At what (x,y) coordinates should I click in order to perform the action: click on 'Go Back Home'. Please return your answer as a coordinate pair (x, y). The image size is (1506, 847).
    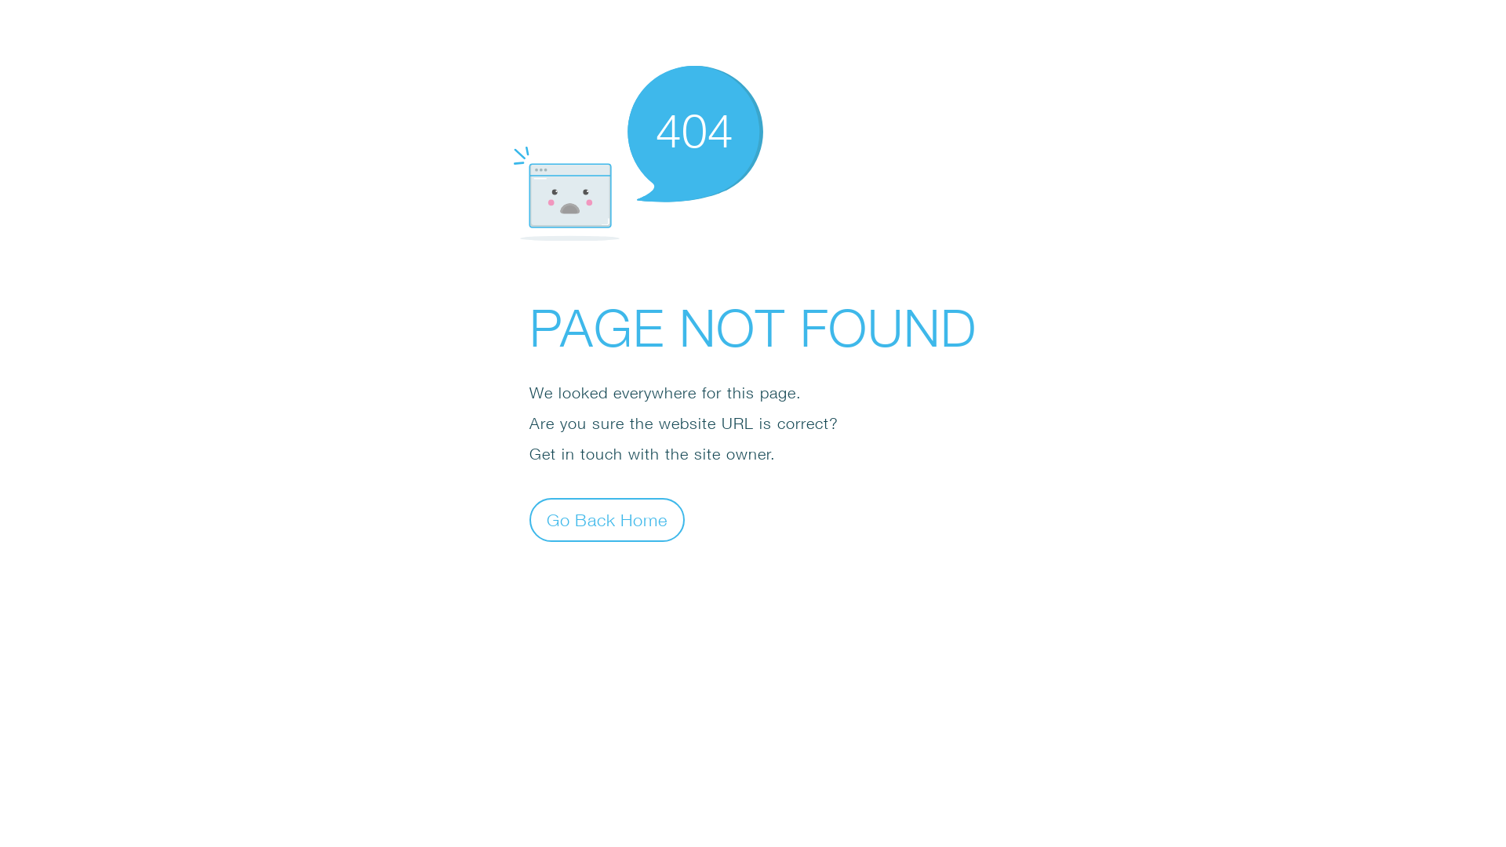
    Looking at the image, I should click on (606, 520).